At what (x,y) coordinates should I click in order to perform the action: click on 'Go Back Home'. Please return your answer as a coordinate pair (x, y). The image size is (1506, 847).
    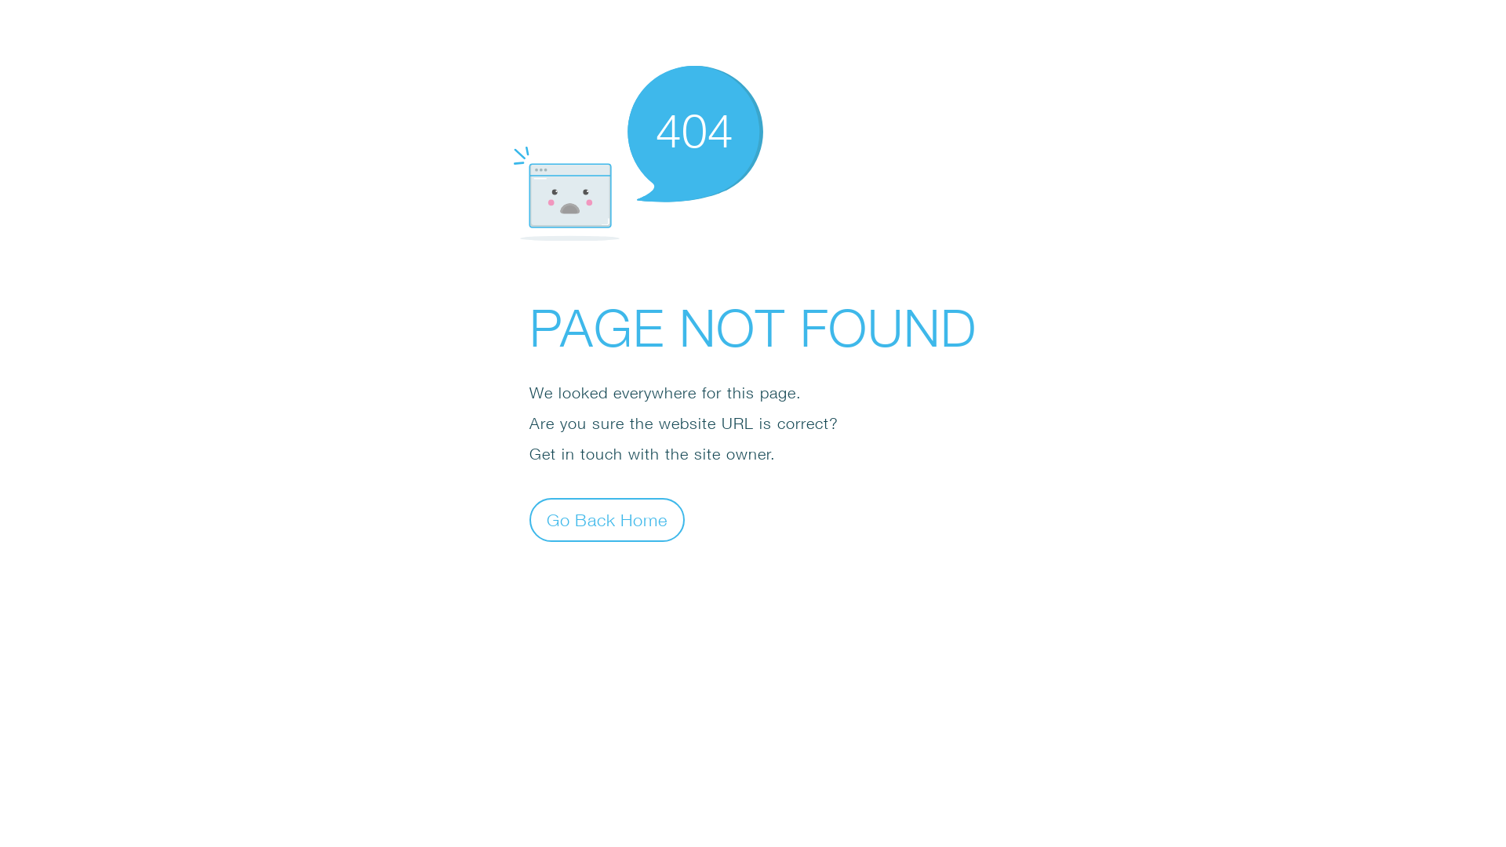
    Looking at the image, I should click on (606, 520).